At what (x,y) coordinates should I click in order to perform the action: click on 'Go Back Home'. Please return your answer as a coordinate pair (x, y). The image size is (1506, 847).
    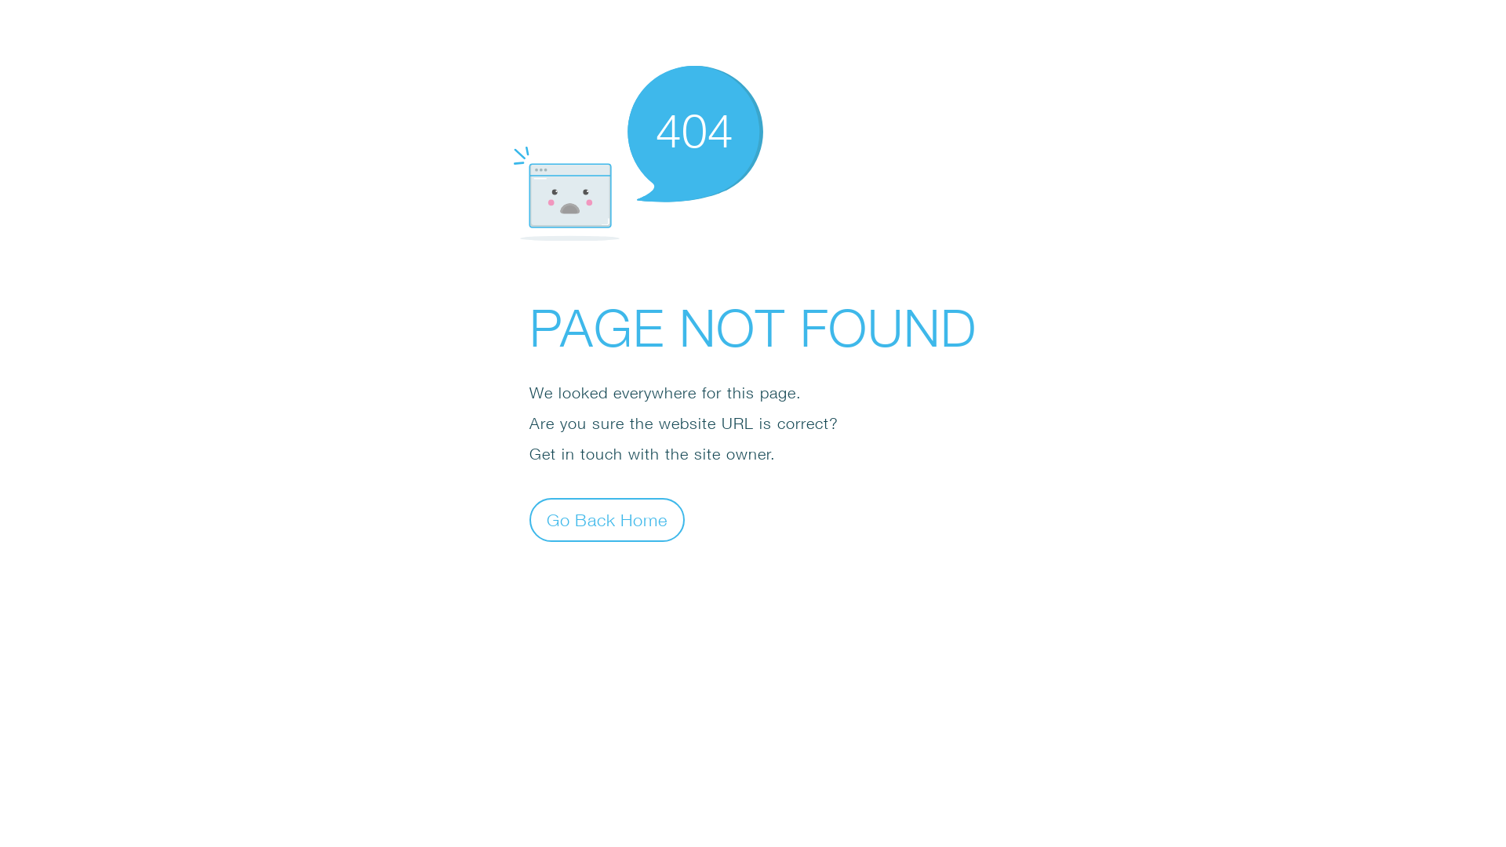
    Looking at the image, I should click on (606, 520).